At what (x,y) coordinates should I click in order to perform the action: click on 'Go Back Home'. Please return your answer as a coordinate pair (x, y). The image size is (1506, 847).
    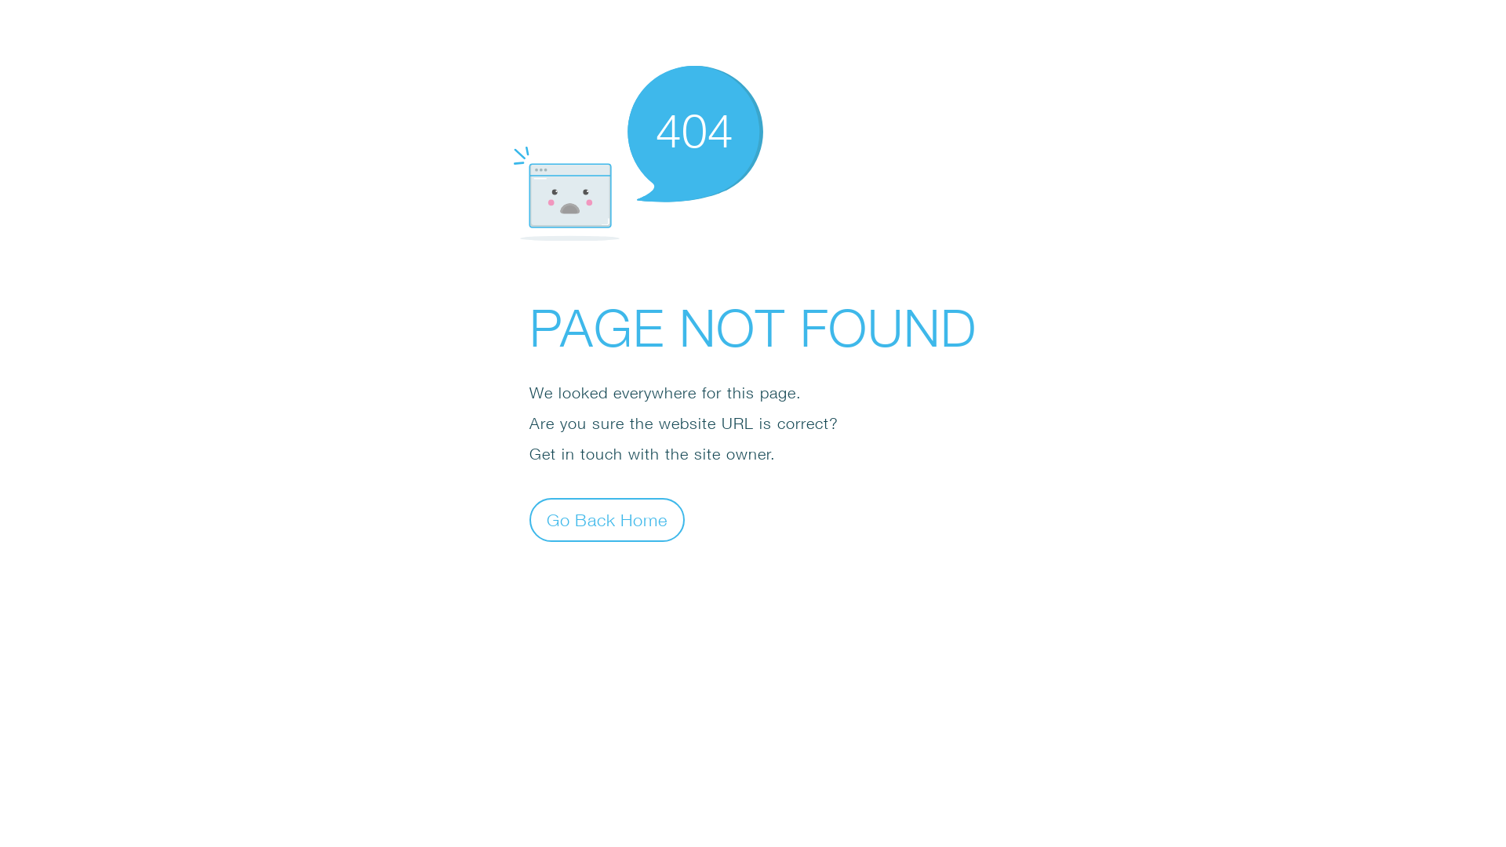
    Looking at the image, I should click on (606, 520).